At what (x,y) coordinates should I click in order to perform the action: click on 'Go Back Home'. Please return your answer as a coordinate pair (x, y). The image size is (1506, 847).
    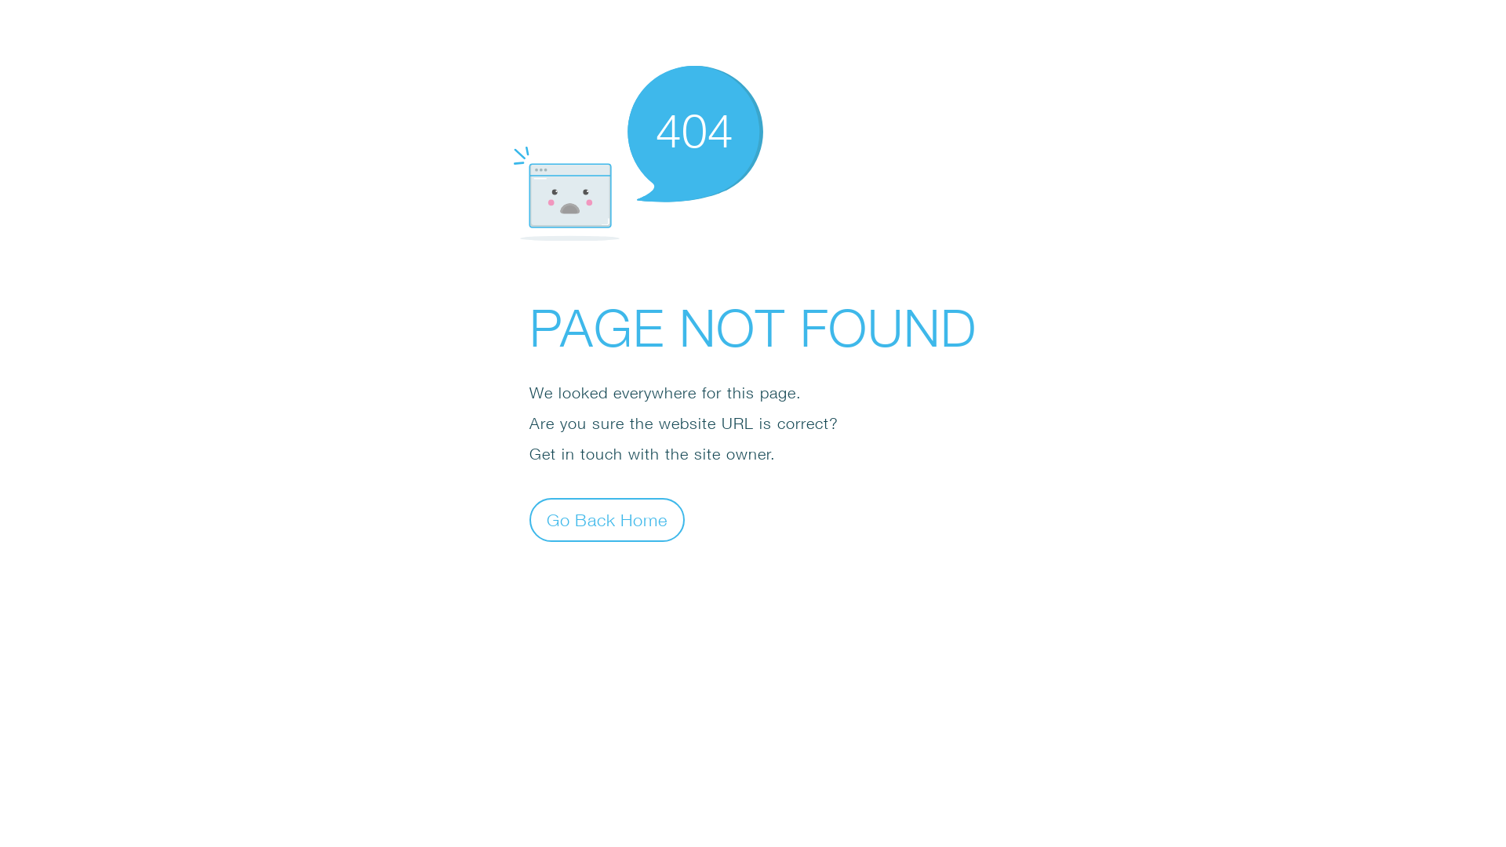
    Looking at the image, I should click on (606, 520).